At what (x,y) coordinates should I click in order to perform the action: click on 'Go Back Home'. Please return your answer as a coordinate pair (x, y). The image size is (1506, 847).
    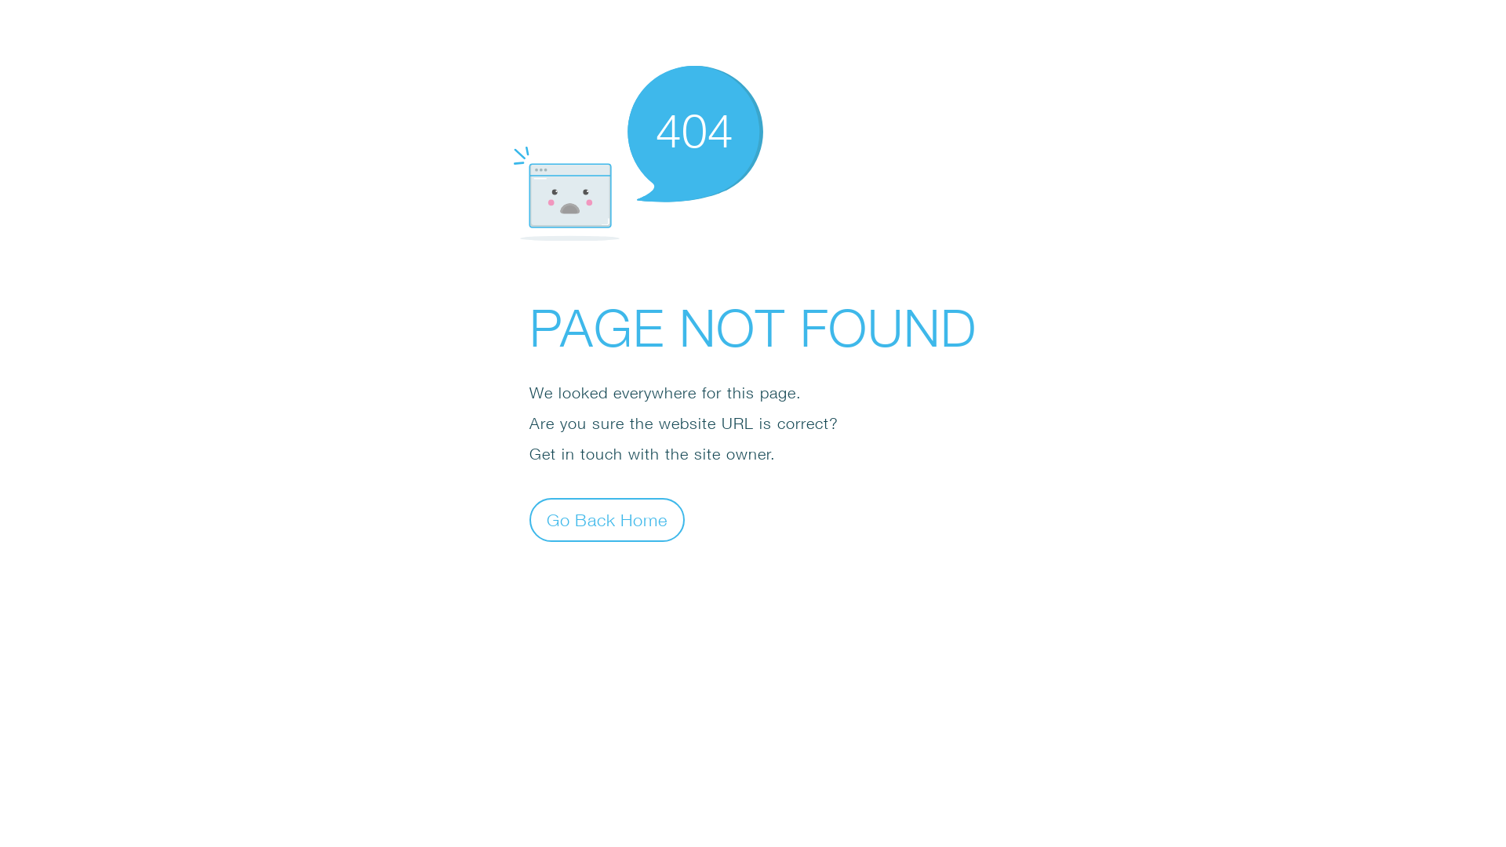
    Looking at the image, I should click on (606, 520).